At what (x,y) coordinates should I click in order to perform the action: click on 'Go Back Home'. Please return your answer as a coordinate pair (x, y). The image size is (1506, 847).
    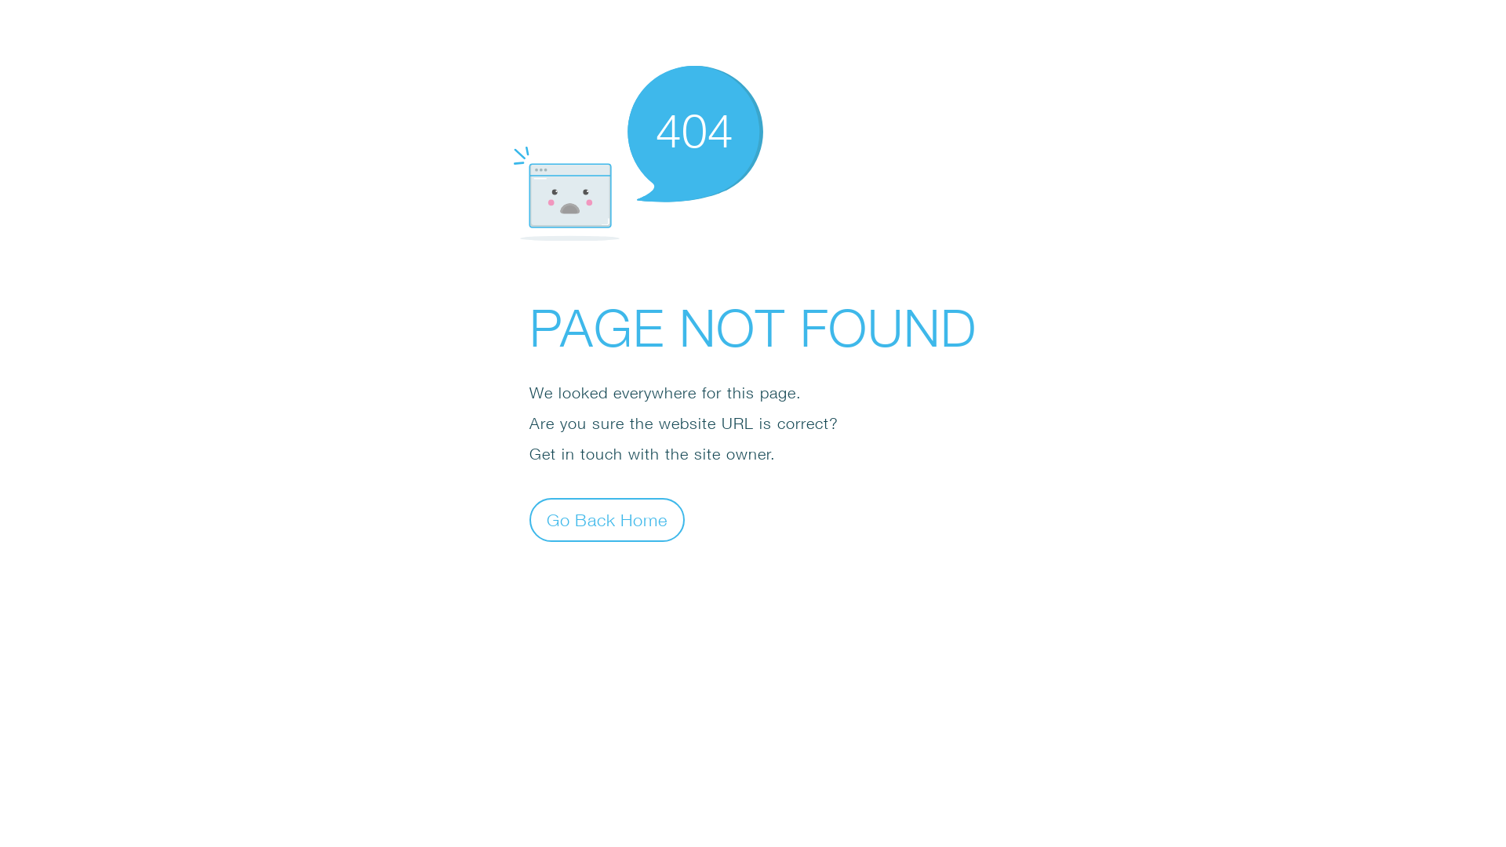
    Looking at the image, I should click on (606, 520).